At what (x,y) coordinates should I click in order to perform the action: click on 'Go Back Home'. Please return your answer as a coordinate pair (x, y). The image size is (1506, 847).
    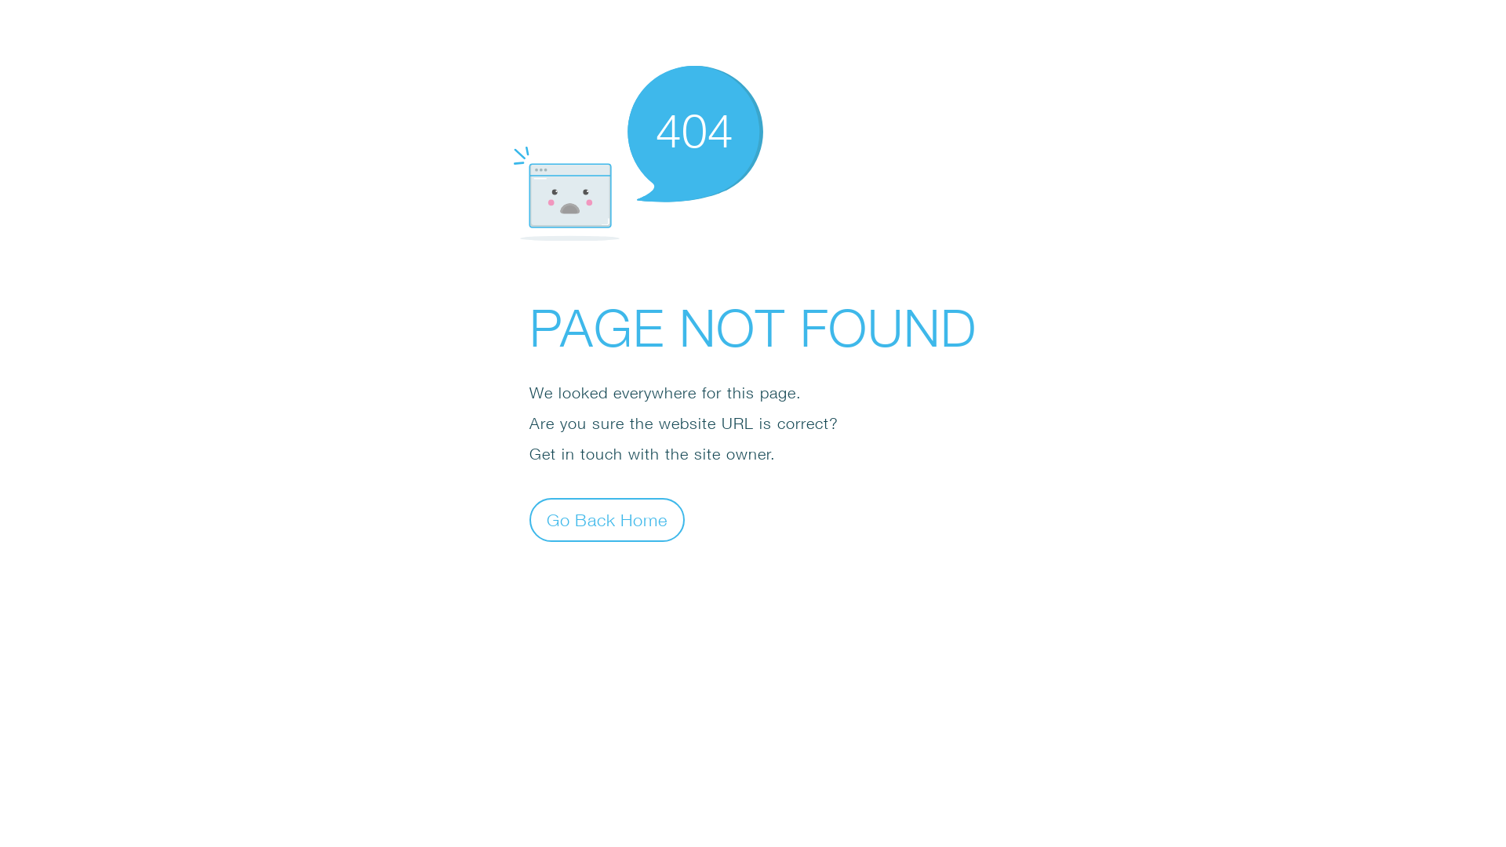
    Looking at the image, I should click on (606, 520).